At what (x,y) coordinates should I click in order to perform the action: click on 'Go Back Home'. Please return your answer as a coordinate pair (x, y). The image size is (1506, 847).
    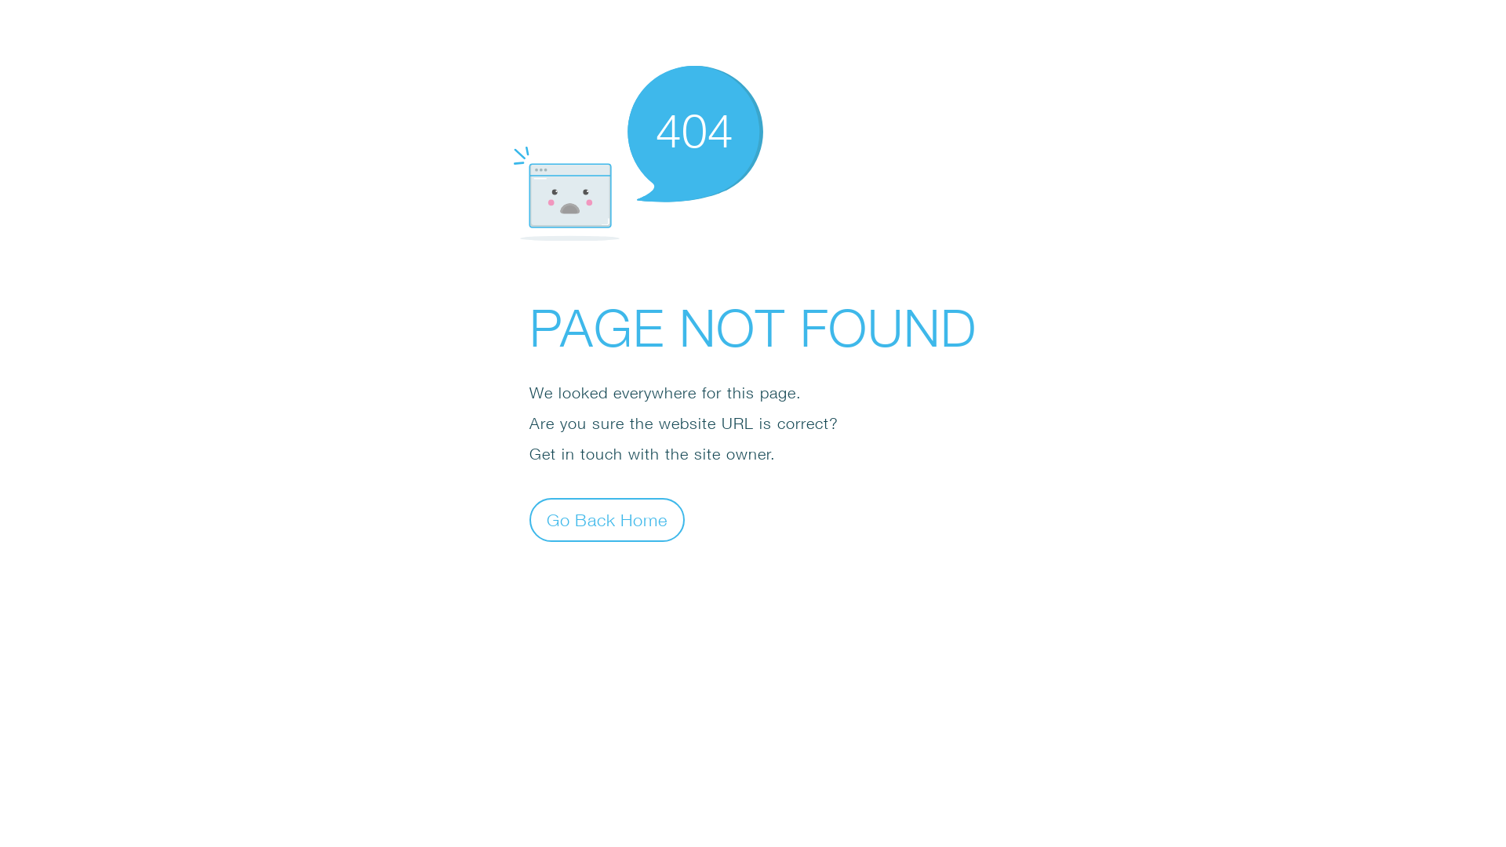
    Looking at the image, I should click on (606, 520).